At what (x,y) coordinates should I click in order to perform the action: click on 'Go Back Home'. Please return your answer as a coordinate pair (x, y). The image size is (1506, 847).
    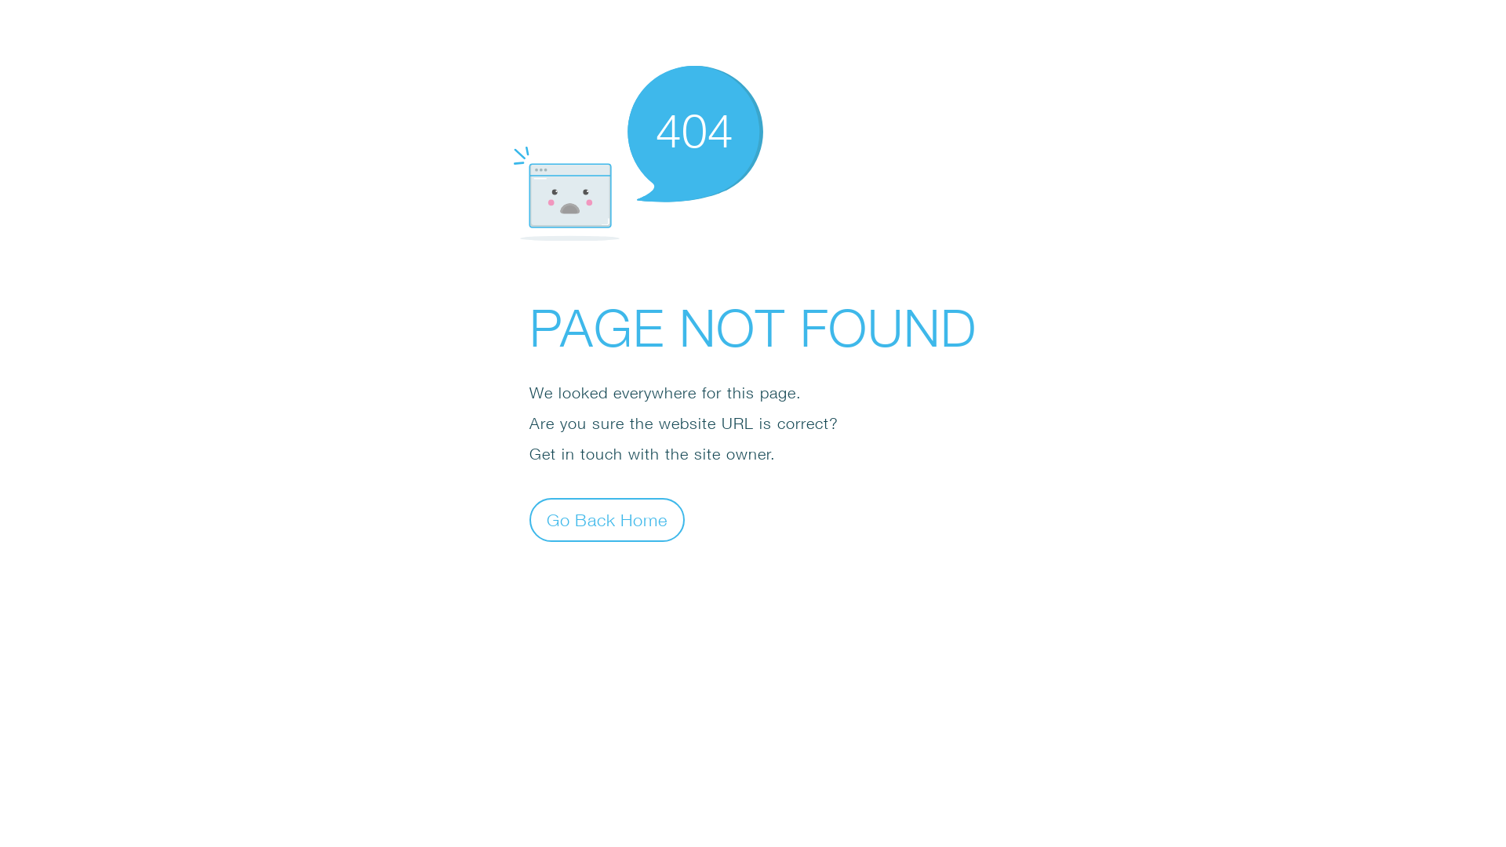
    Looking at the image, I should click on (606, 520).